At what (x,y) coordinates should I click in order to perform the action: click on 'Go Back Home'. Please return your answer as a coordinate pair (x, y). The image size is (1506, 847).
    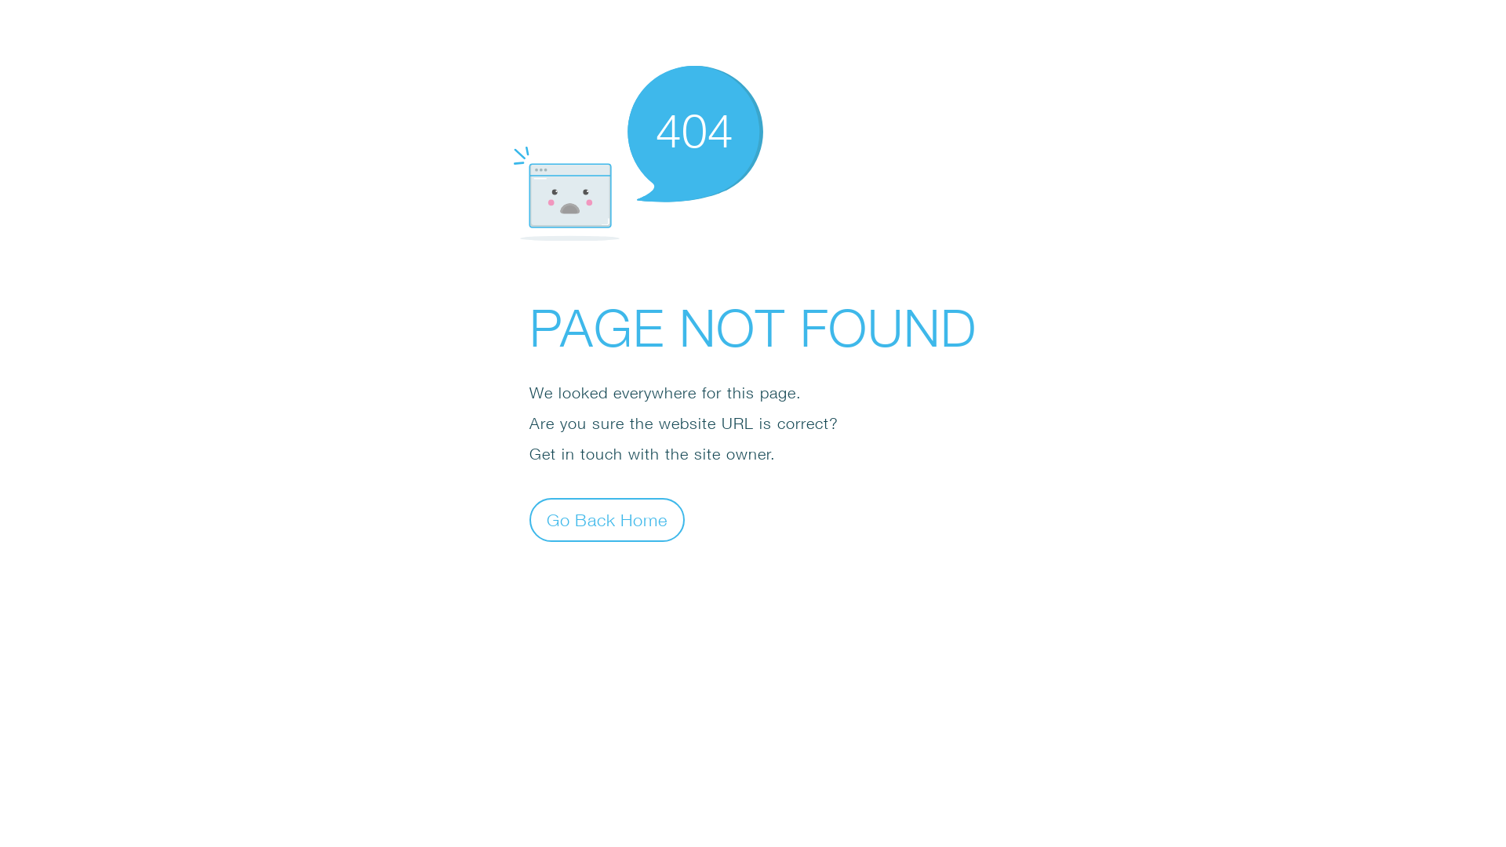
    Looking at the image, I should click on (606, 520).